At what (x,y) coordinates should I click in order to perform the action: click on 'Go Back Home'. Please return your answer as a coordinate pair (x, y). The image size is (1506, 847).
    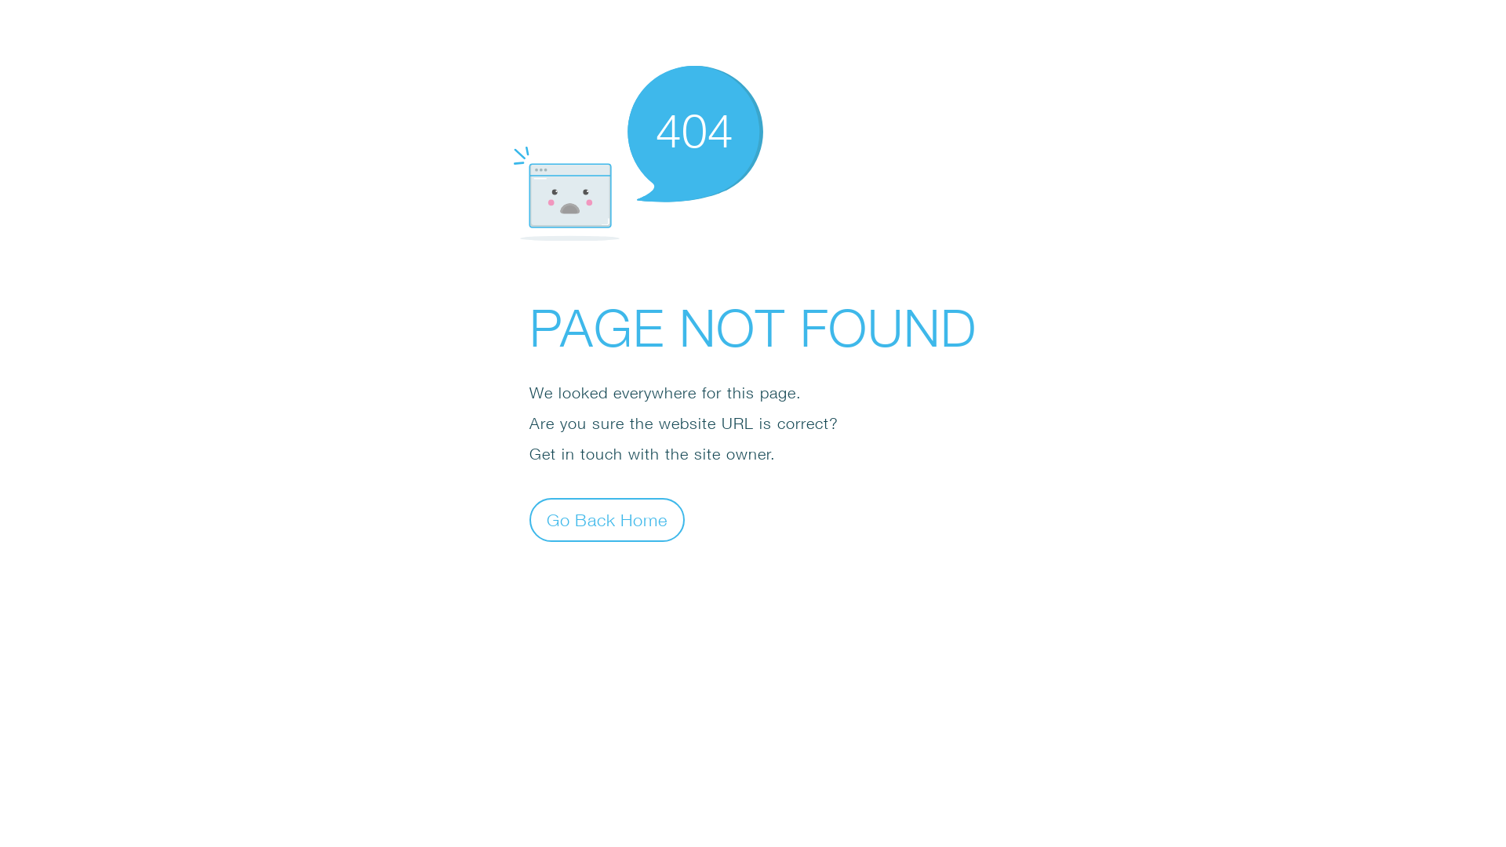
    Looking at the image, I should click on (606, 520).